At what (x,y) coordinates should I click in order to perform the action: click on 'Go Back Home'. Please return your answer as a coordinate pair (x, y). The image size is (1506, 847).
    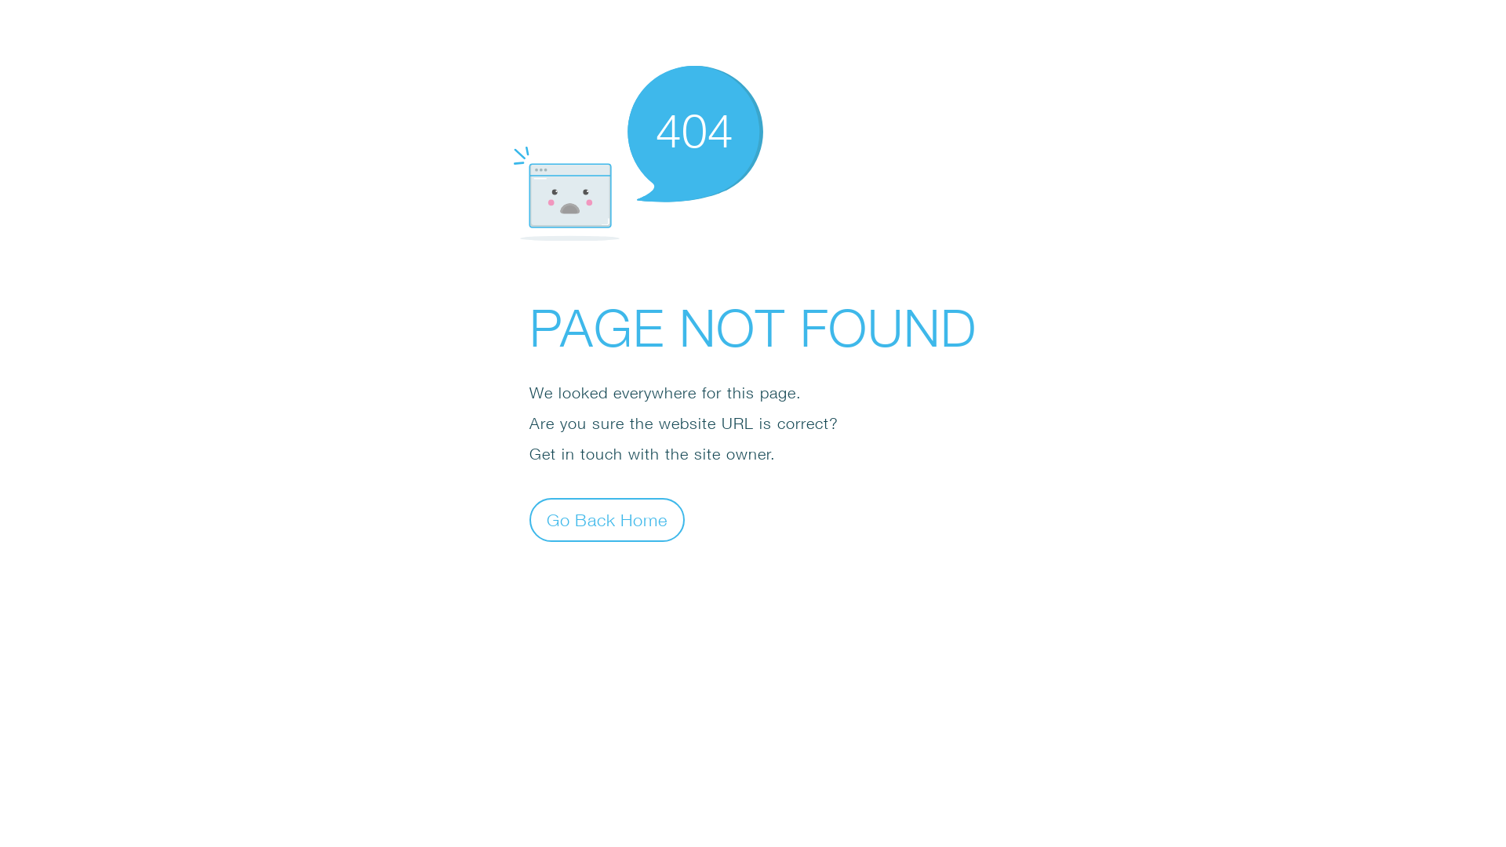
    Looking at the image, I should click on (606, 520).